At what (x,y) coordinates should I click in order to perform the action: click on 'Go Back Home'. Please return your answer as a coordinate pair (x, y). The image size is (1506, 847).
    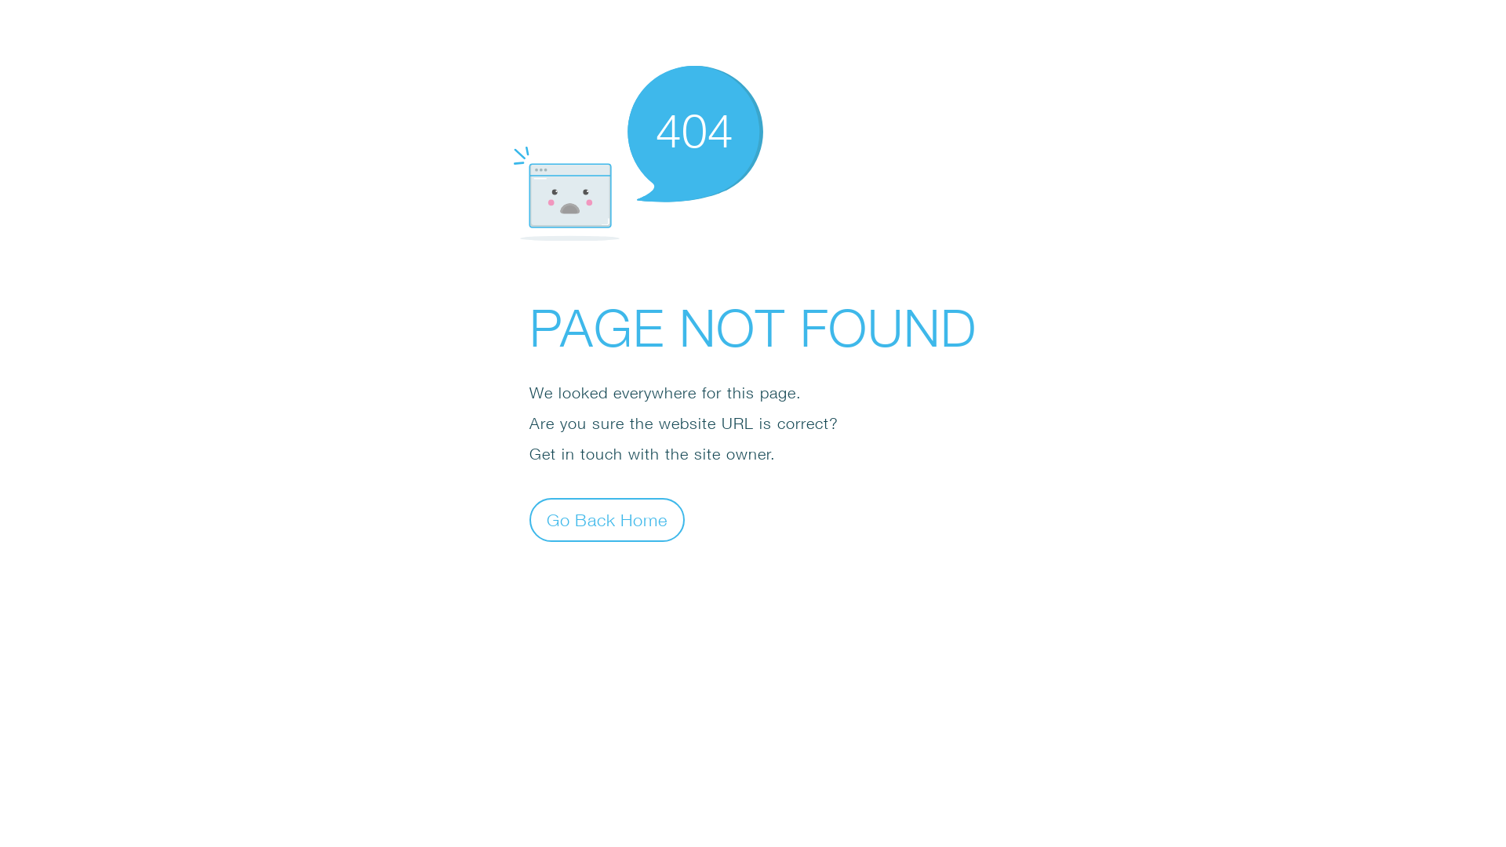
    Looking at the image, I should click on (606, 520).